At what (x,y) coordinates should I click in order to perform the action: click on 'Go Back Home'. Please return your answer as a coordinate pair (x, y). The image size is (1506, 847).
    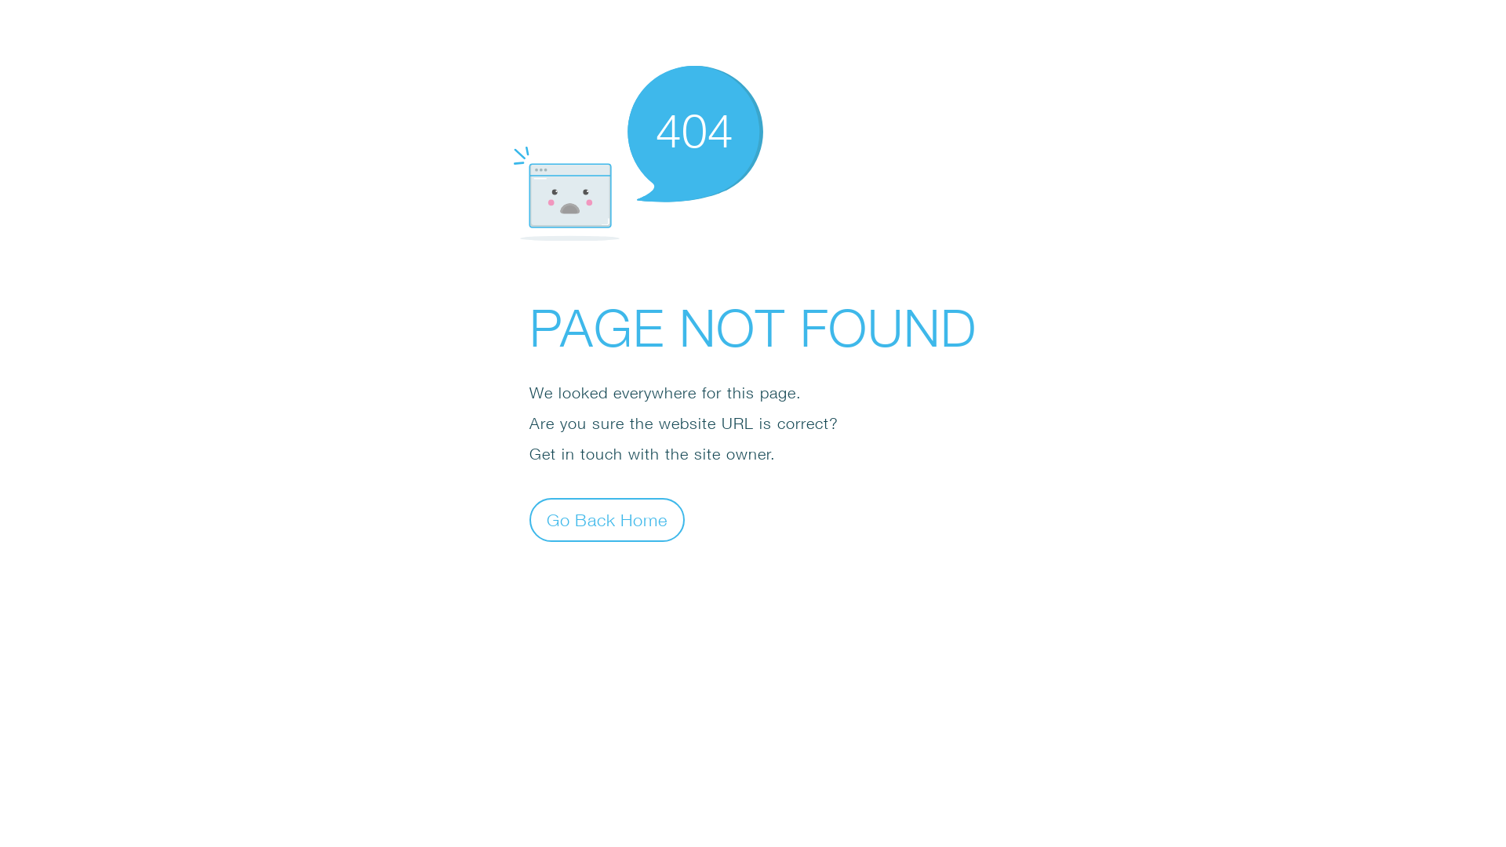
    Looking at the image, I should click on (606, 520).